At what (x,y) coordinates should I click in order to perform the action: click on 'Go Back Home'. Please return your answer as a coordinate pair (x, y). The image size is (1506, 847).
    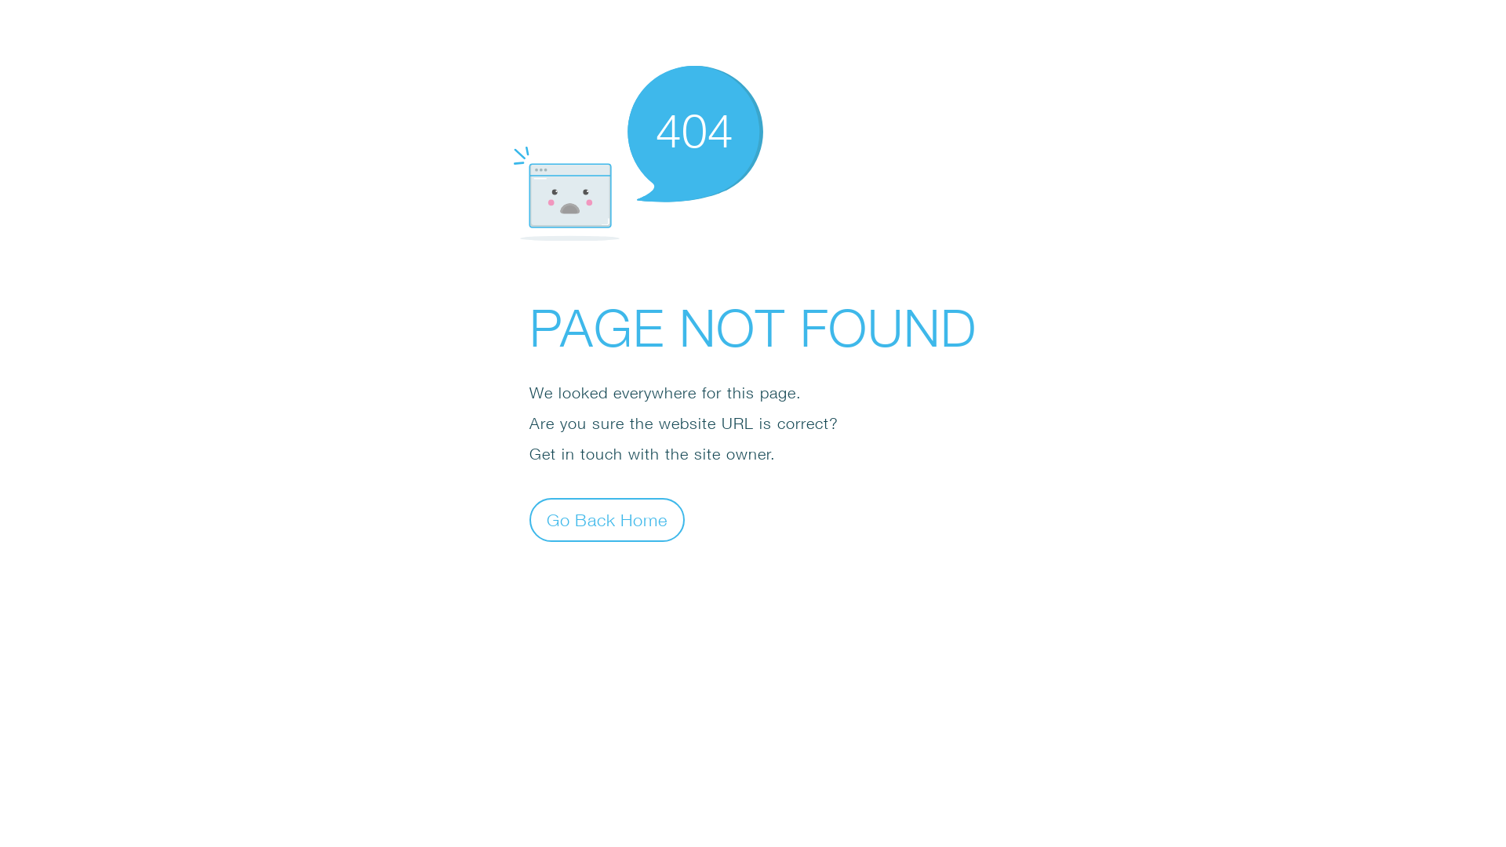
    Looking at the image, I should click on (606, 520).